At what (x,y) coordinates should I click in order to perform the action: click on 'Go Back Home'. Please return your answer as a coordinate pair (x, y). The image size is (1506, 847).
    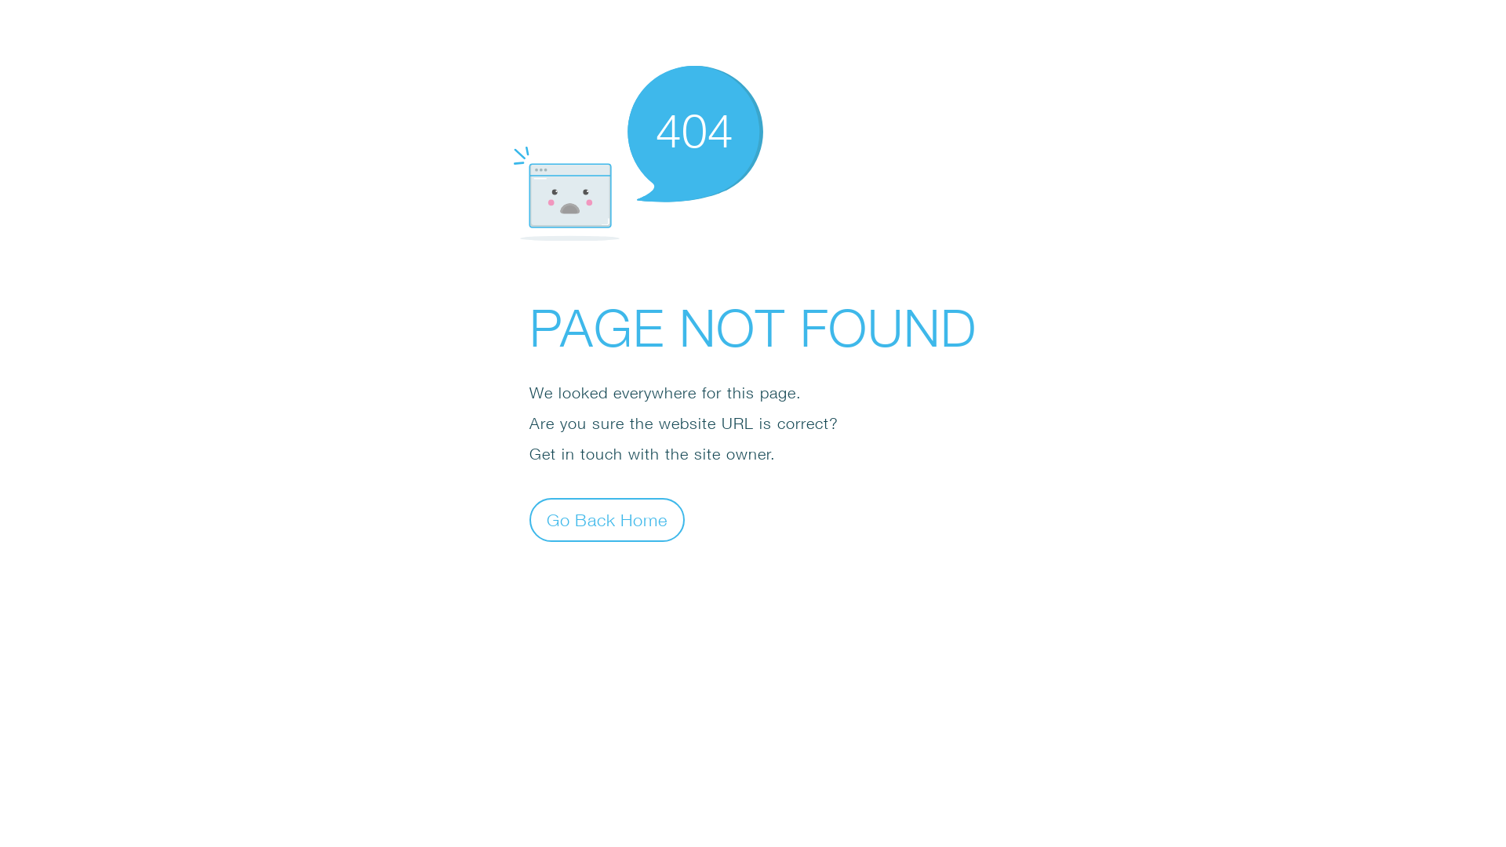
    Looking at the image, I should click on (606, 520).